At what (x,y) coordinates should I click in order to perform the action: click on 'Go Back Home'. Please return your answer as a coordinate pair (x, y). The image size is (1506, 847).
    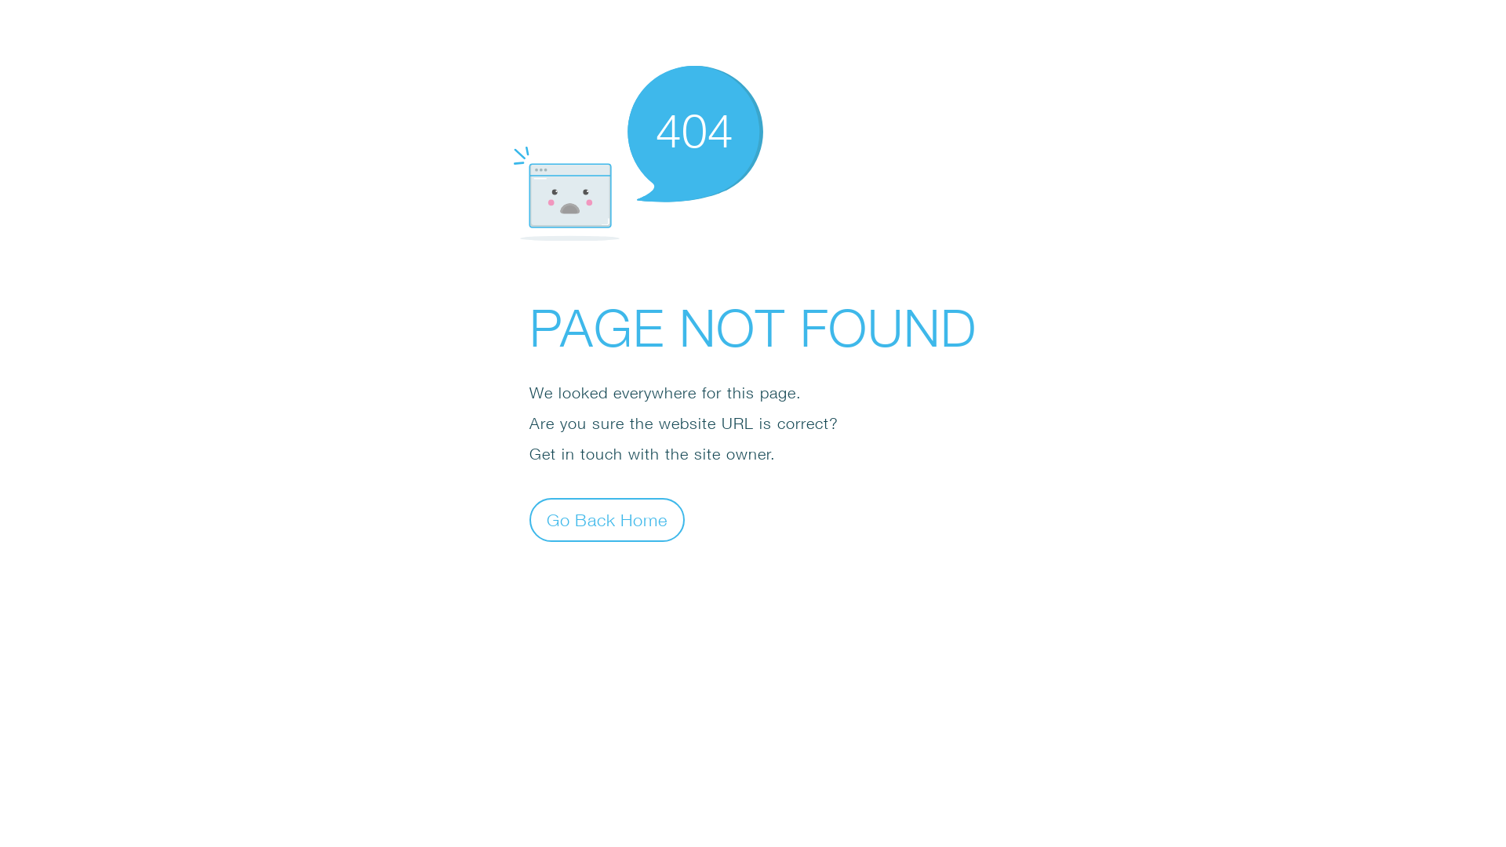
    Looking at the image, I should click on (606, 520).